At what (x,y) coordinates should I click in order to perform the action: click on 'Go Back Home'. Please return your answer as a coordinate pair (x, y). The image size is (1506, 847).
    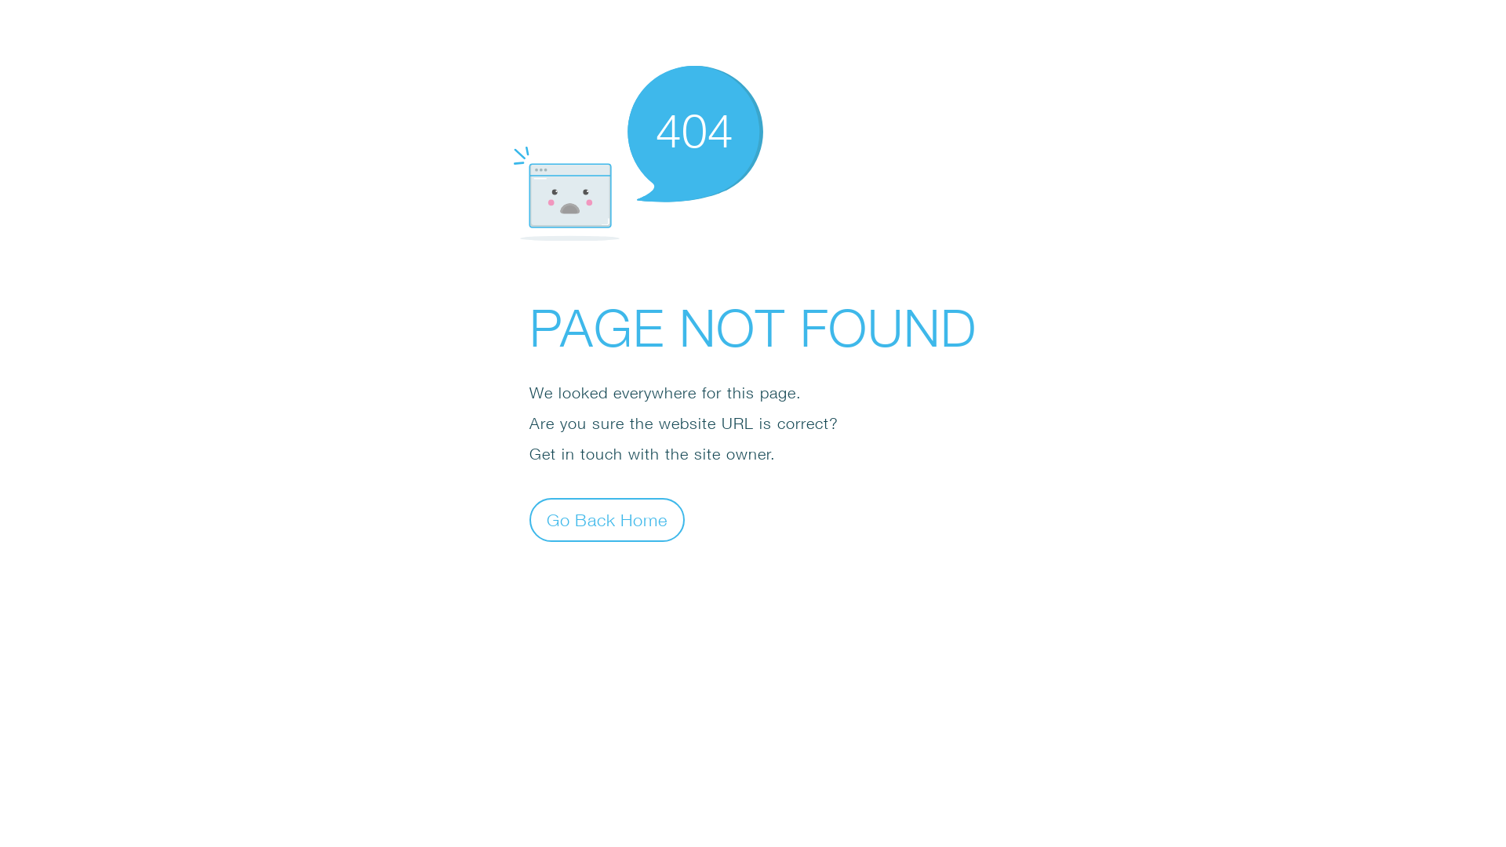
    Looking at the image, I should click on (606, 520).